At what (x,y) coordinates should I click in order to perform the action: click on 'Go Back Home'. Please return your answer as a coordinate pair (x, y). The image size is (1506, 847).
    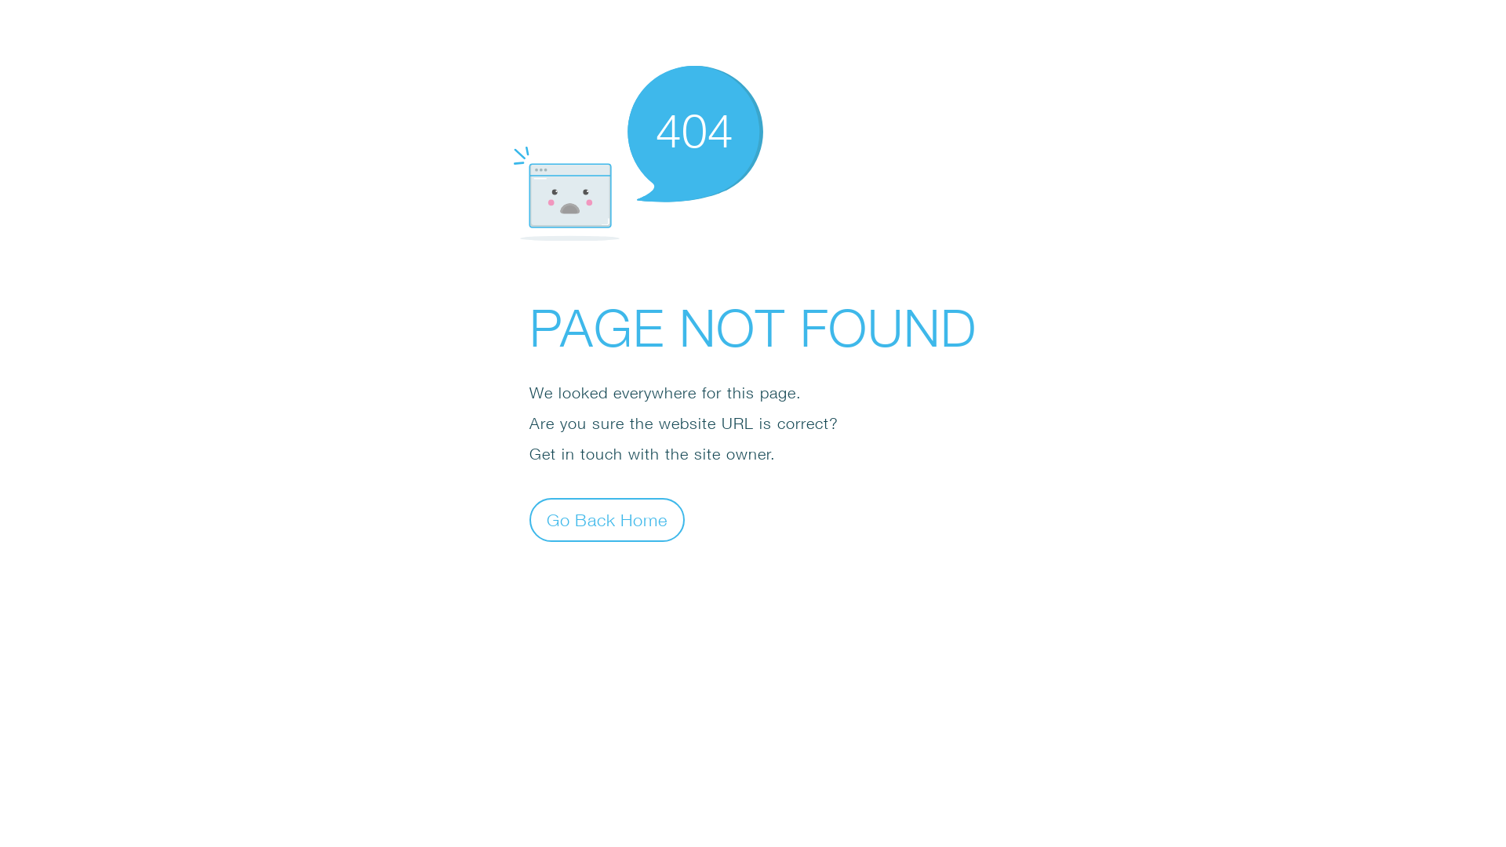
    Looking at the image, I should click on (606, 520).